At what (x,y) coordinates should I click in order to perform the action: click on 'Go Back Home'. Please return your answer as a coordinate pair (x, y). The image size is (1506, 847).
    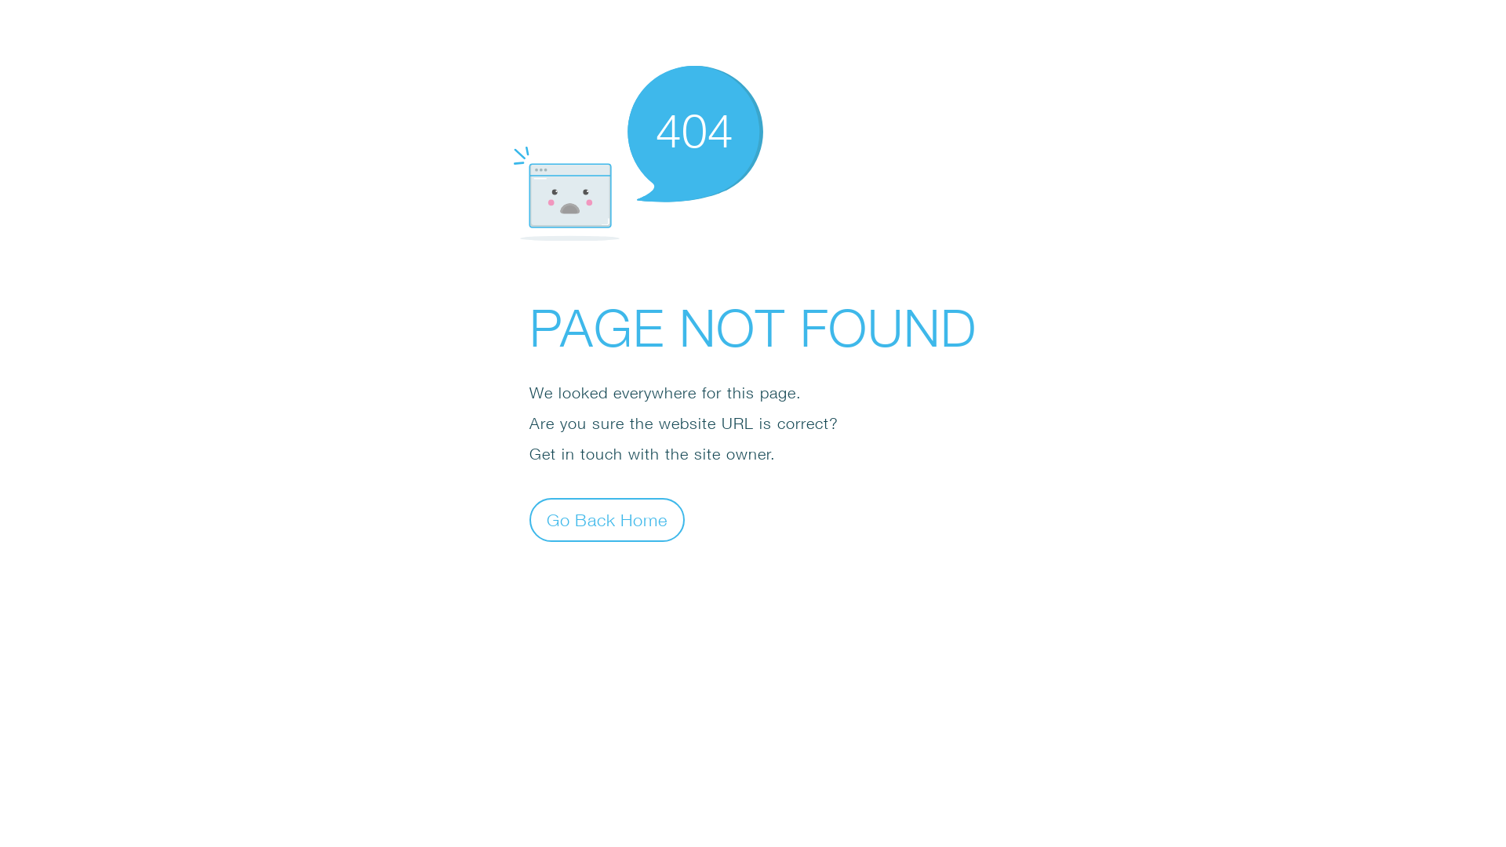
    Looking at the image, I should click on (606, 520).